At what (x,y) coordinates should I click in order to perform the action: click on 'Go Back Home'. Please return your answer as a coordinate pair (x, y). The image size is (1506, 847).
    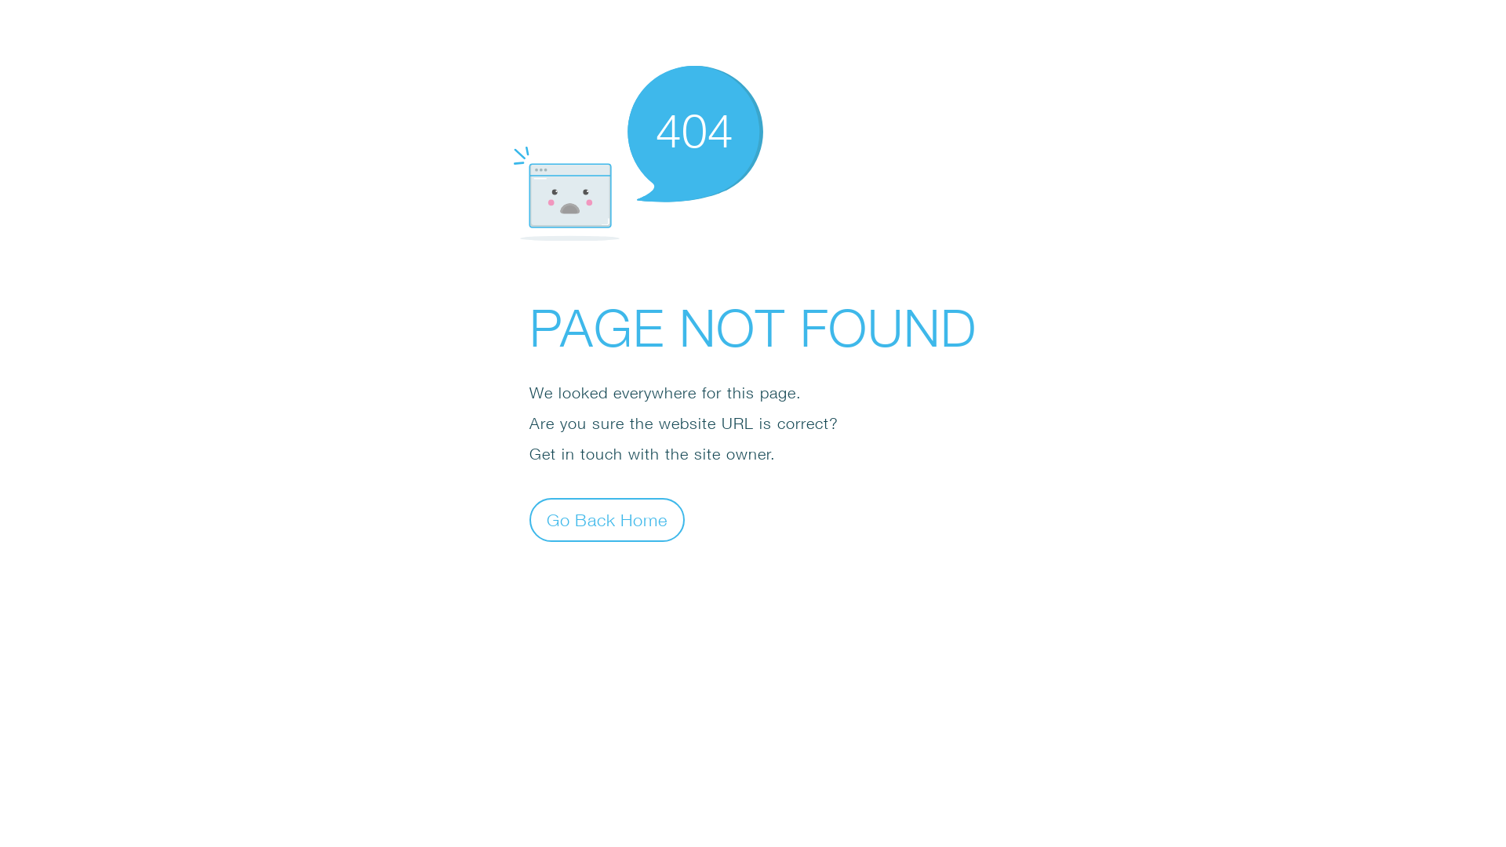
    Looking at the image, I should click on (606, 520).